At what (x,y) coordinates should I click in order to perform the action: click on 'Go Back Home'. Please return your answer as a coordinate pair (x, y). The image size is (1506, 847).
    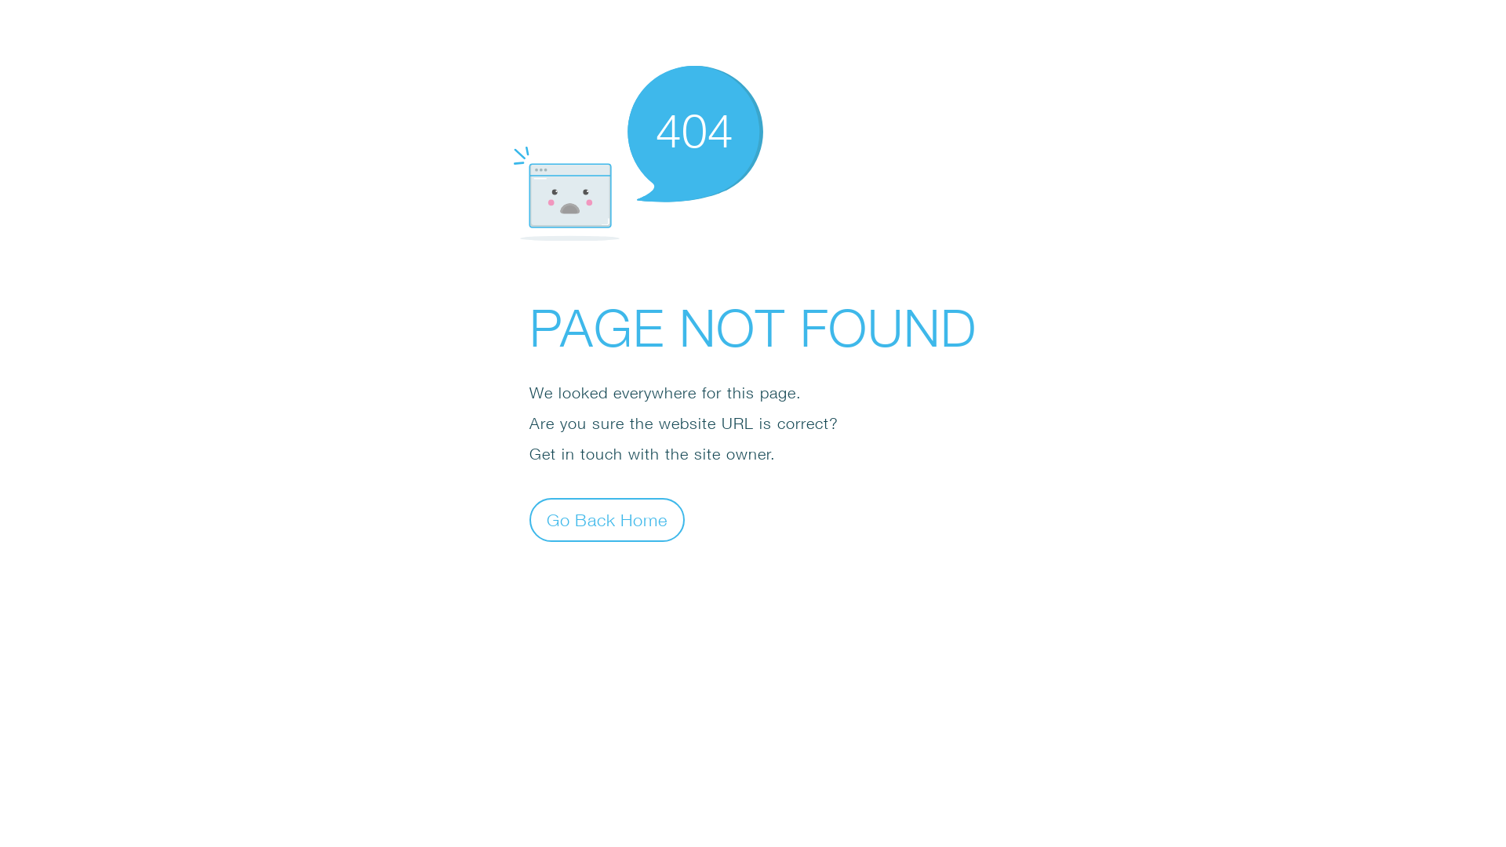
    Looking at the image, I should click on (606, 520).